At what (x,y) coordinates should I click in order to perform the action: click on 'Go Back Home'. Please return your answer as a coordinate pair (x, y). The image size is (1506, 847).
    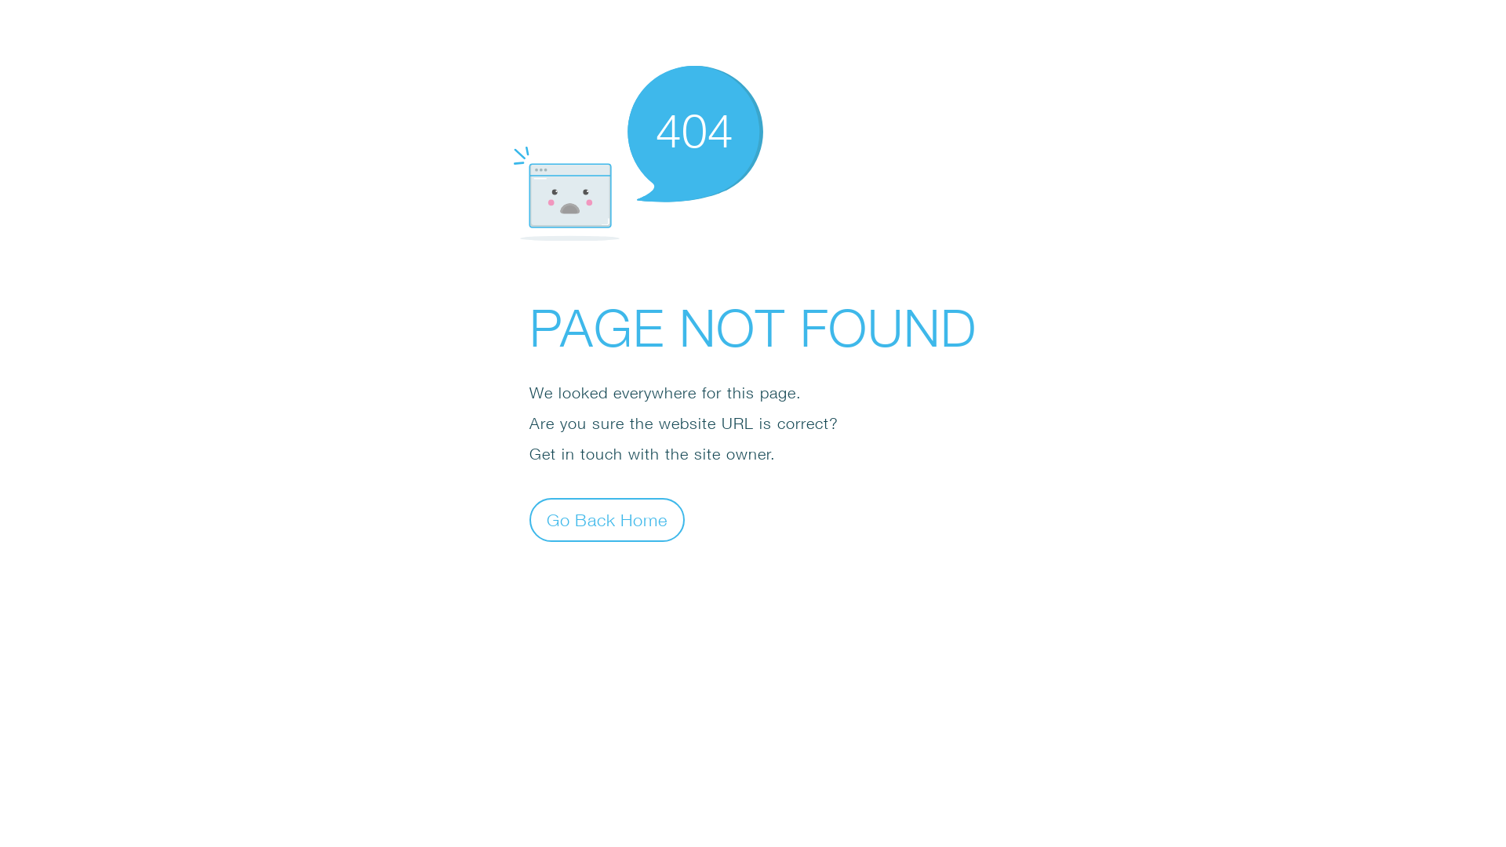
    Looking at the image, I should click on (606, 520).